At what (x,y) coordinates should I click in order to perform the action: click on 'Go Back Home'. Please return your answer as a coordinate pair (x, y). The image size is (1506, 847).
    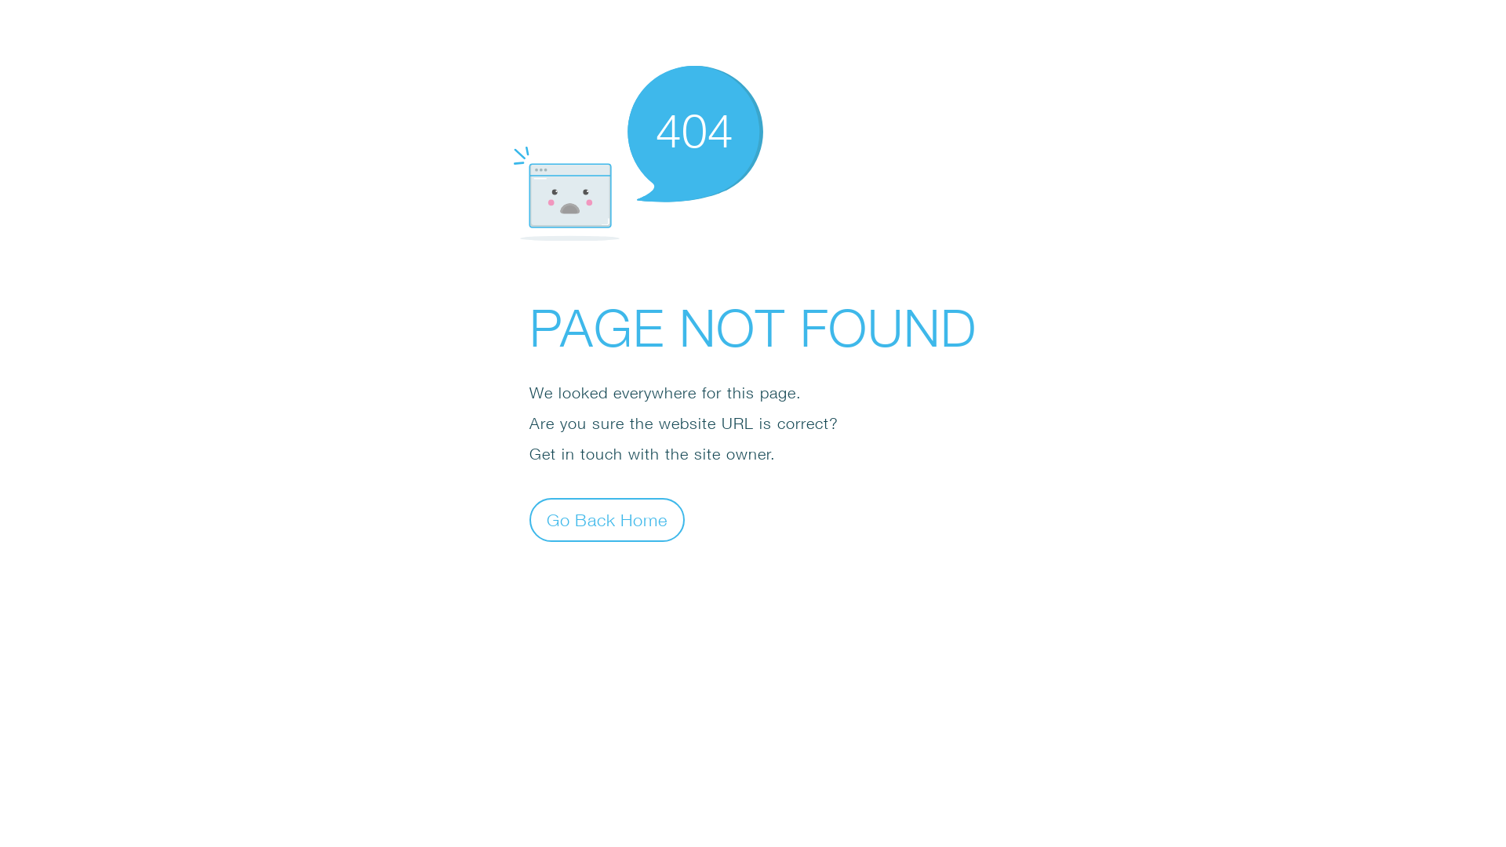
    Looking at the image, I should click on (606, 520).